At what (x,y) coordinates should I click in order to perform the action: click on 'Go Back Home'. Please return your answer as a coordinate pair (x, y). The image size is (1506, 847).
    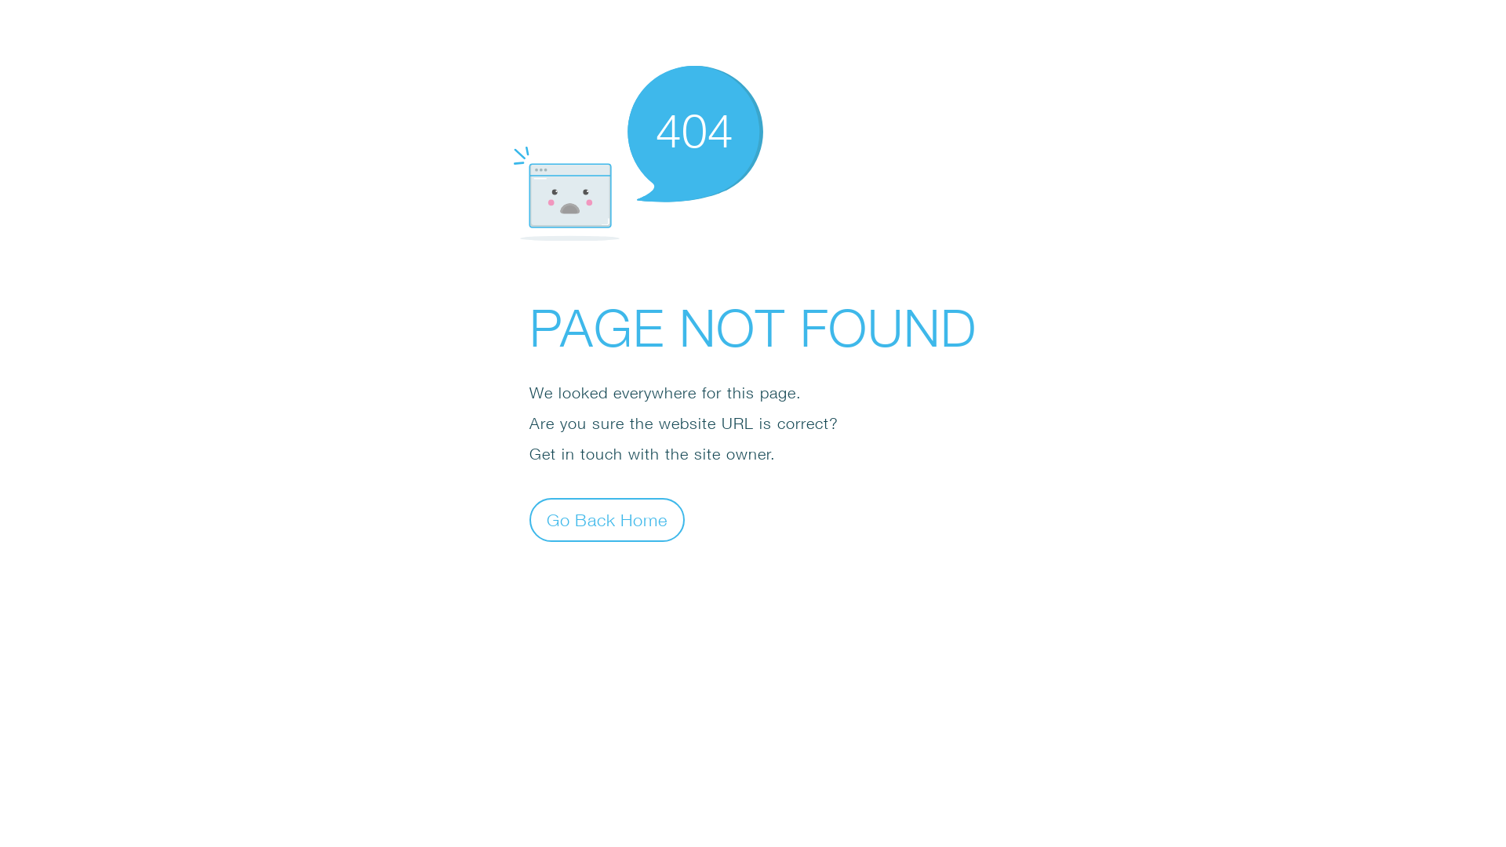
    Looking at the image, I should click on (606, 520).